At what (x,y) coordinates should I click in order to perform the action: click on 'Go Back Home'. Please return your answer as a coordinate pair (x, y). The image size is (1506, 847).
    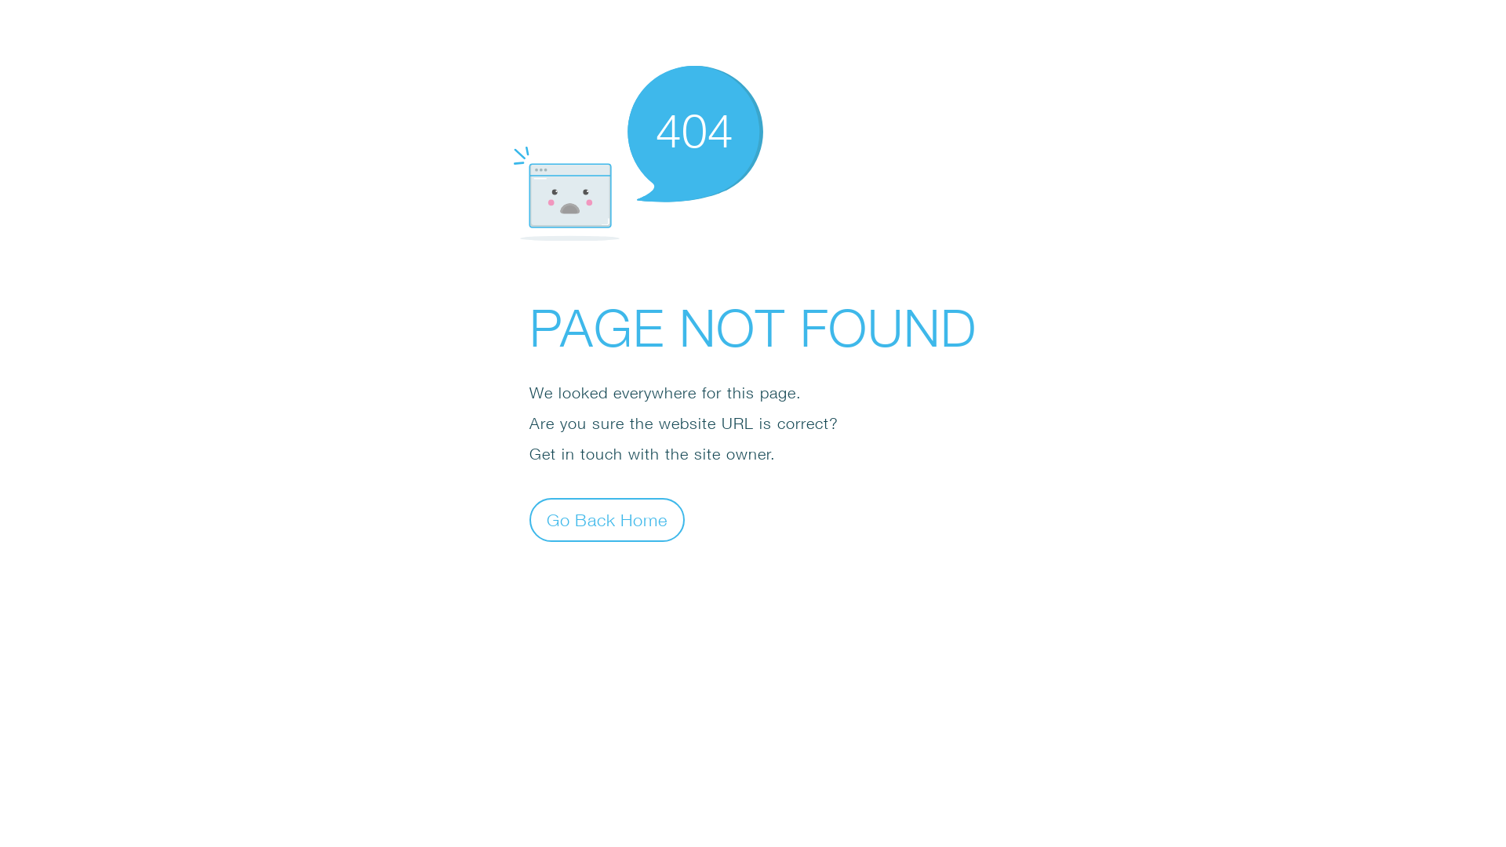
    Looking at the image, I should click on (606, 520).